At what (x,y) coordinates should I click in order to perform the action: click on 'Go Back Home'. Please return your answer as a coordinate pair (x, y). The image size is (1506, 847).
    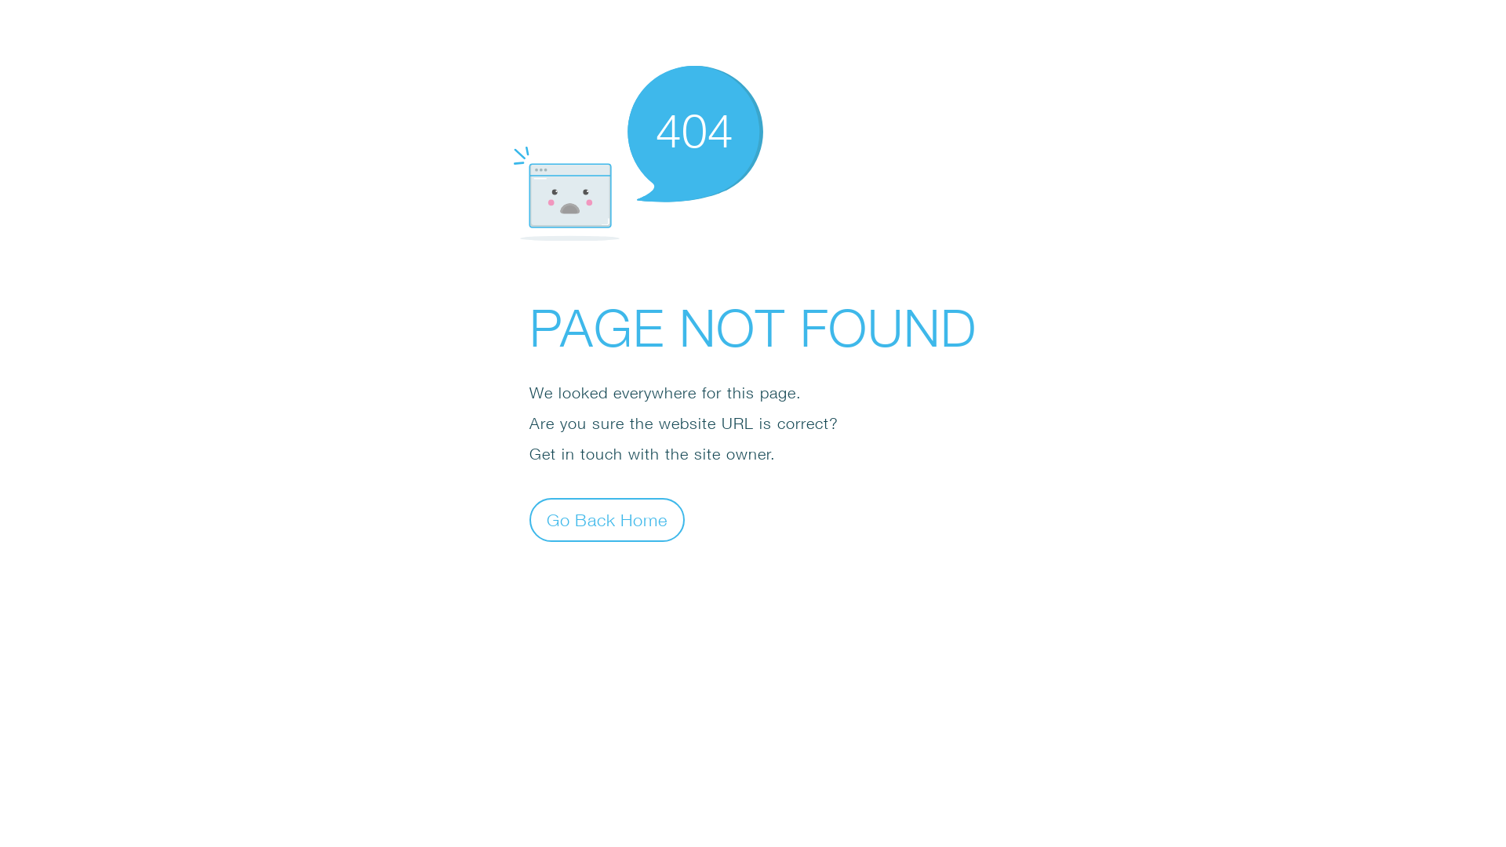
    Looking at the image, I should click on (606, 520).